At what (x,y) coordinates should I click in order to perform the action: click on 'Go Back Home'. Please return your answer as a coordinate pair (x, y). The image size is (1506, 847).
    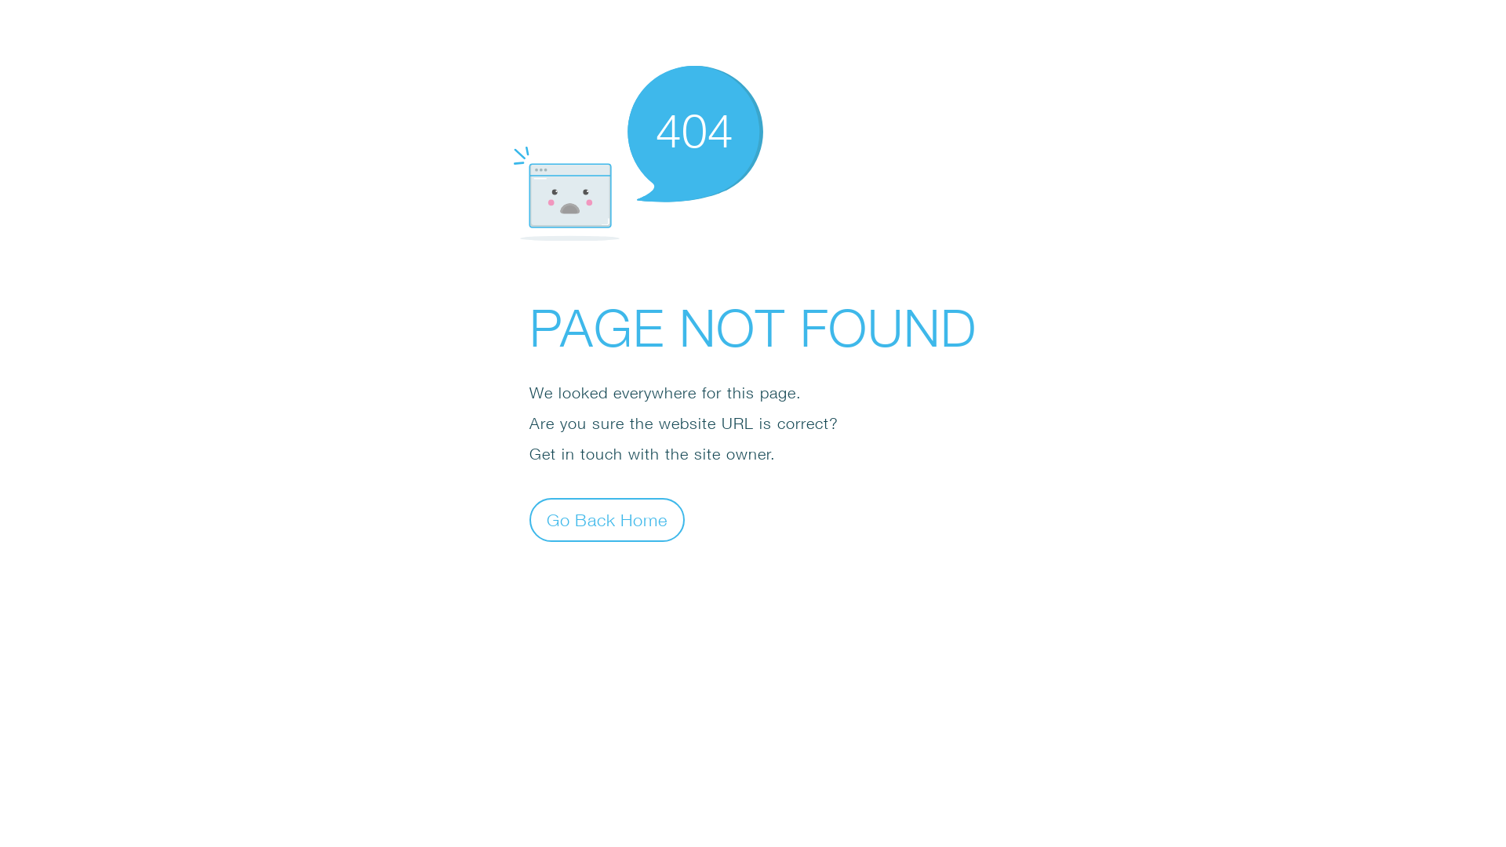
    Looking at the image, I should click on (606, 520).